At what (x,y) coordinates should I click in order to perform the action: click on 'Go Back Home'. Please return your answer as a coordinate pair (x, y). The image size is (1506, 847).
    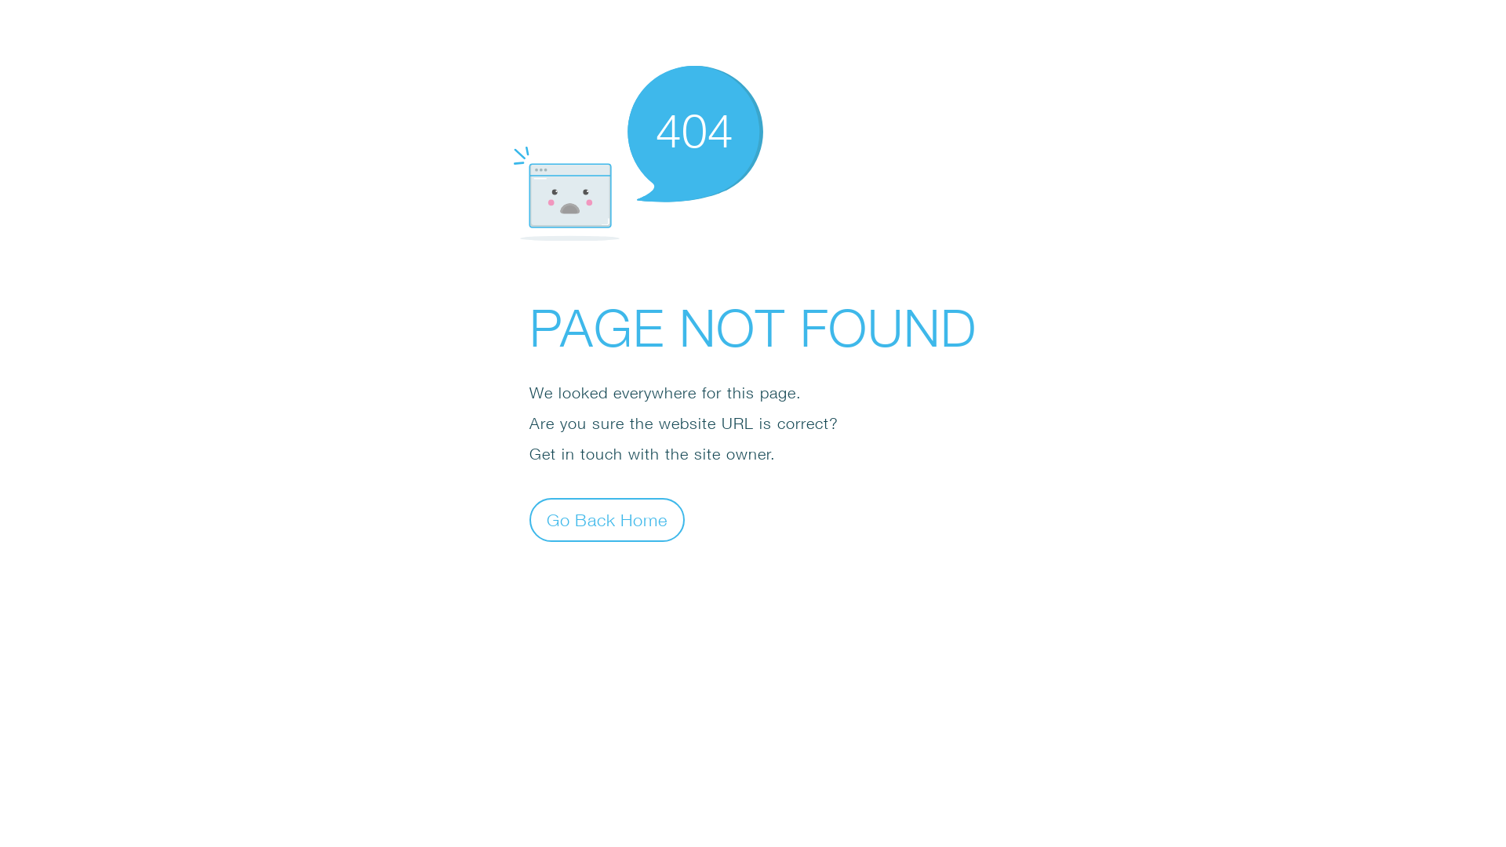
    Looking at the image, I should click on (606, 520).